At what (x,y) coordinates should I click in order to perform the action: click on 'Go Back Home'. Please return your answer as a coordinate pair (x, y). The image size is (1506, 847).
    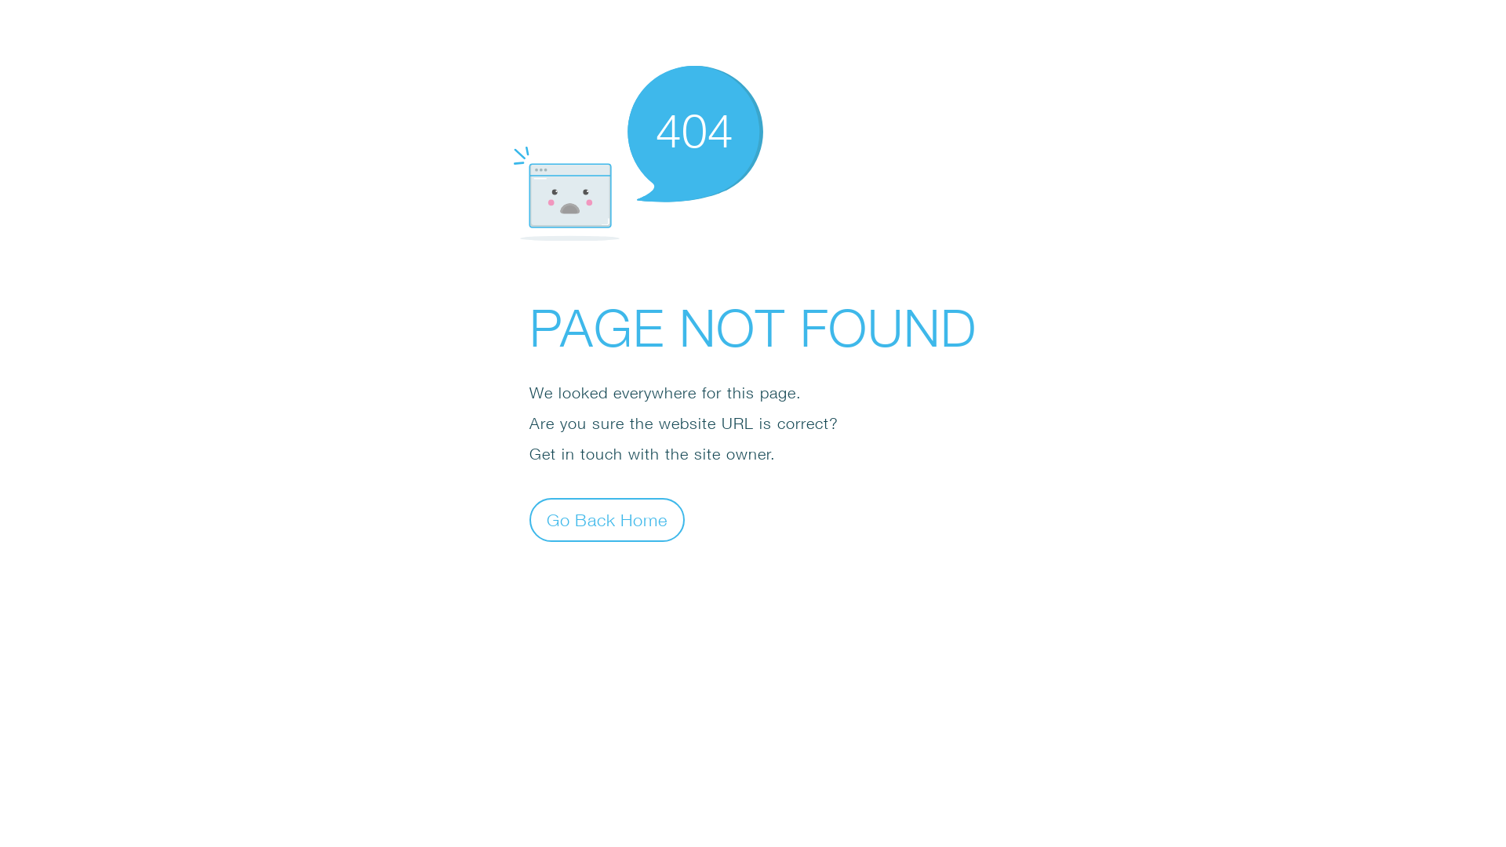
    Looking at the image, I should click on (606, 520).